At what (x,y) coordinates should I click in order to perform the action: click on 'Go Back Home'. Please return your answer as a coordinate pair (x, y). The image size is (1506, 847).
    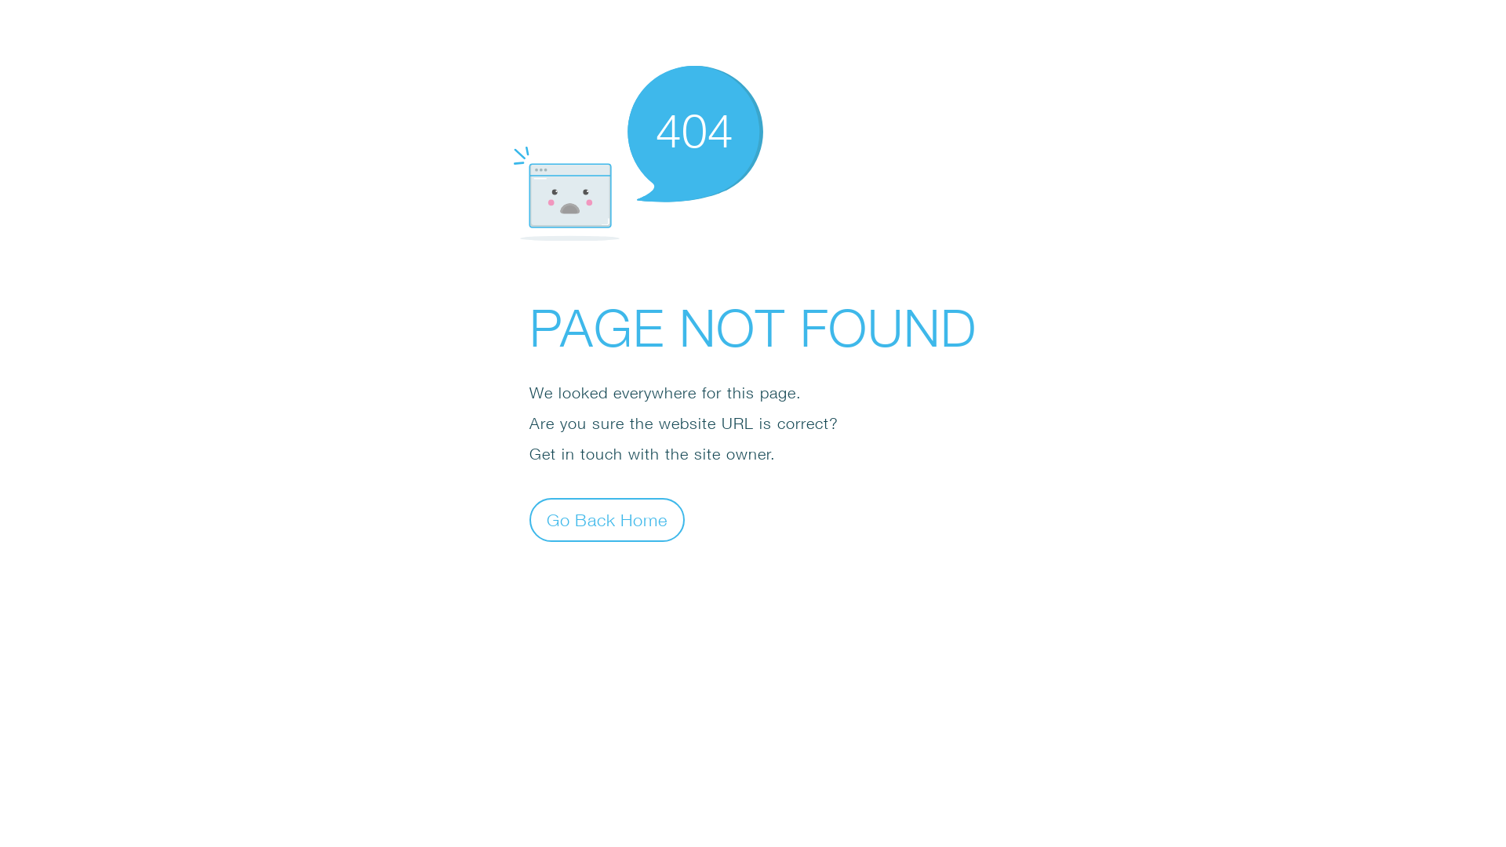
    Looking at the image, I should click on (606, 520).